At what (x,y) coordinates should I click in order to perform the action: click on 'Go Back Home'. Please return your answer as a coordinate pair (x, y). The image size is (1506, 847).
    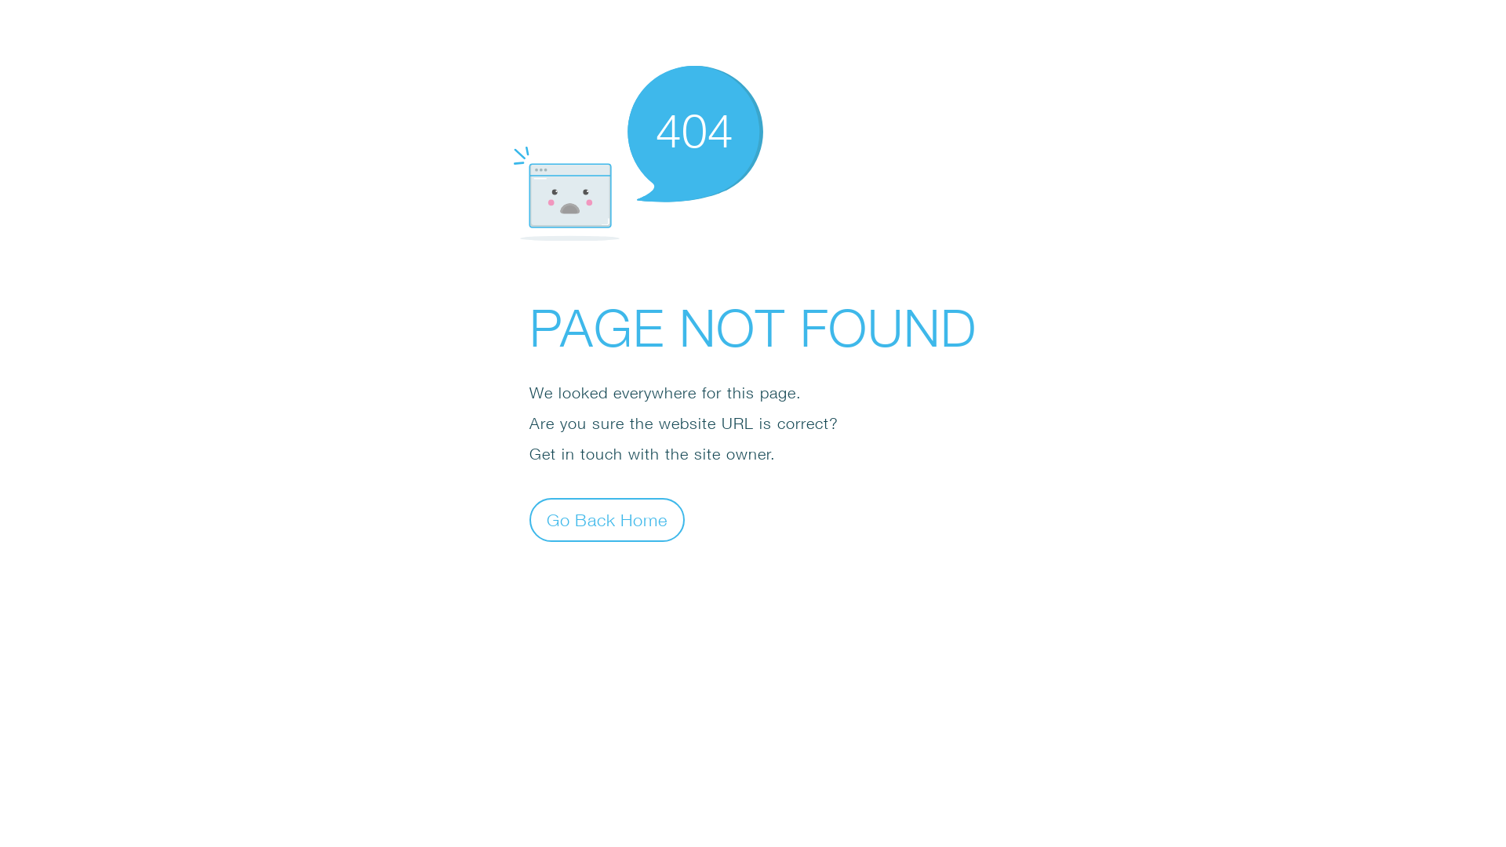
    Looking at the image, I should click on (606, 520).